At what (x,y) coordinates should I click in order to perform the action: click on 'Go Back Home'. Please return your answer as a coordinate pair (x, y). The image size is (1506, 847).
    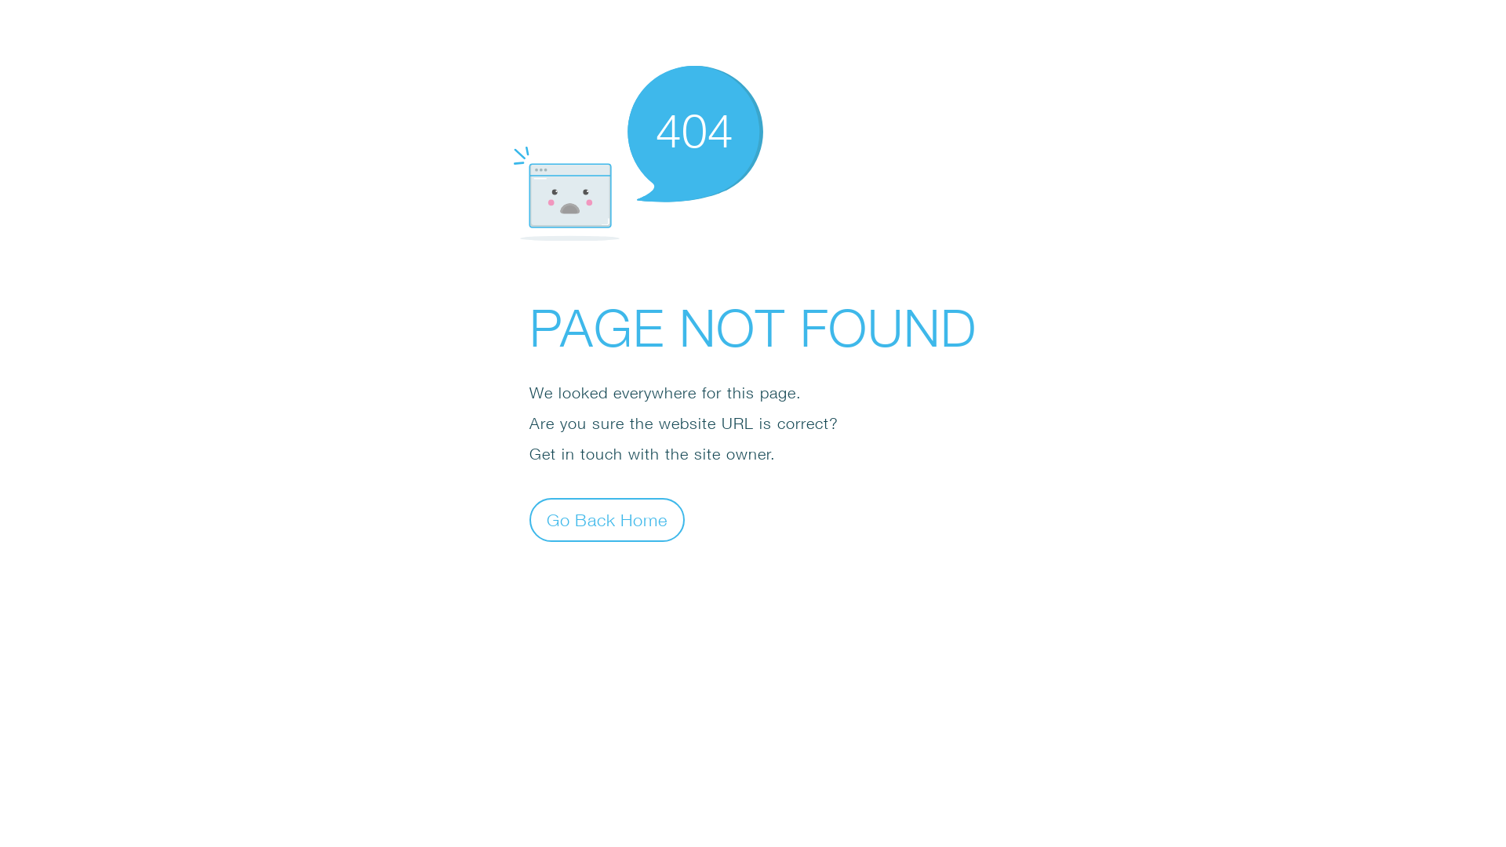
    Looking at the image, I should click on (606, 520).